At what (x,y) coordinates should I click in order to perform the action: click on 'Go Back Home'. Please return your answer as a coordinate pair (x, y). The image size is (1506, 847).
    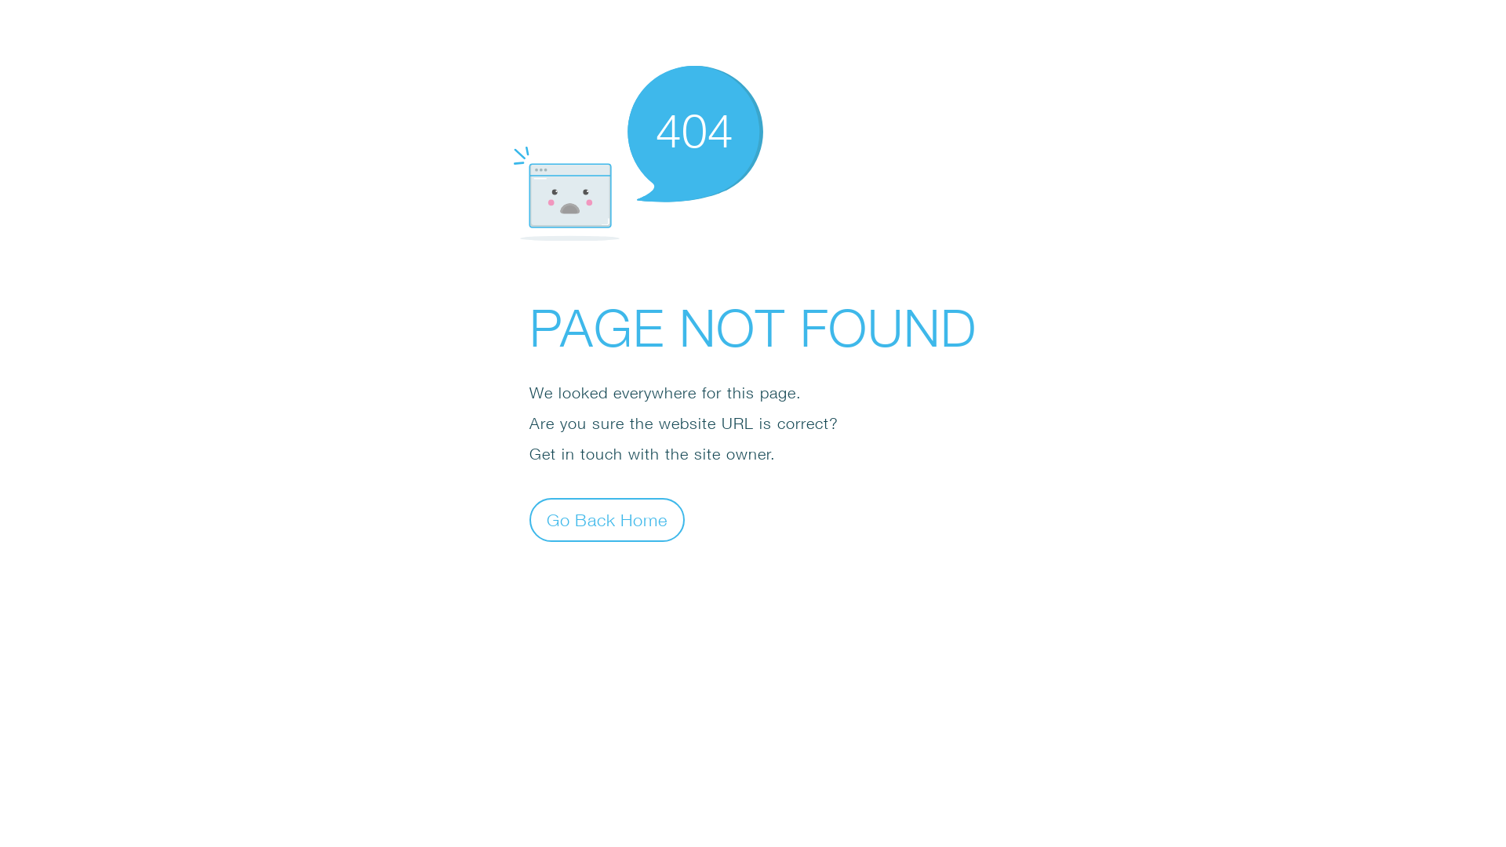
    Looking at the image, I should click on (606, 520).